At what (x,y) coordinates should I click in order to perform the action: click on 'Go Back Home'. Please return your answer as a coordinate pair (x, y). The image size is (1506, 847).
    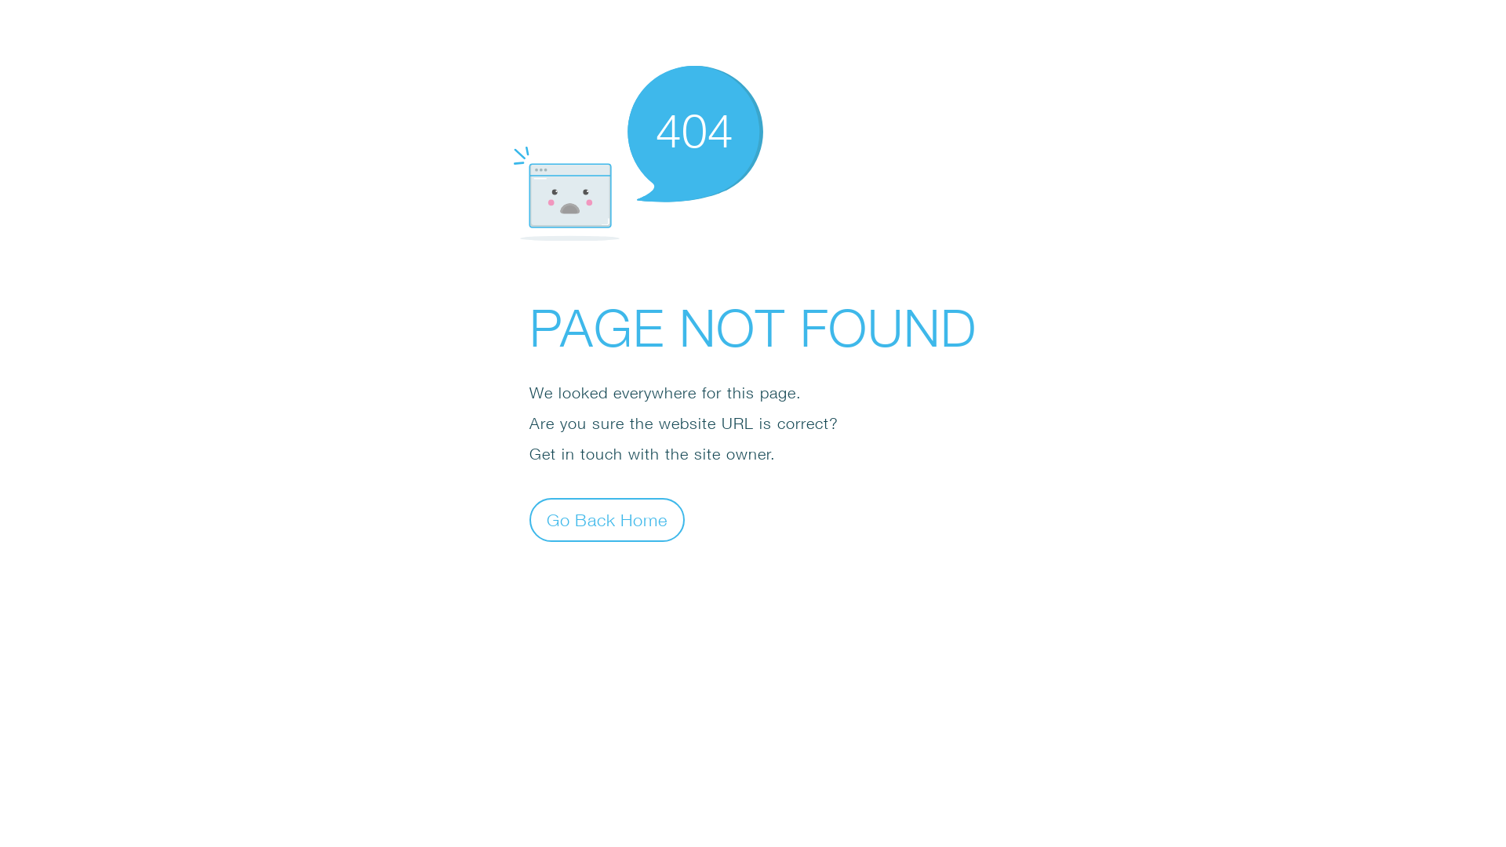
    Looking at the image, I should click on (606, 520).